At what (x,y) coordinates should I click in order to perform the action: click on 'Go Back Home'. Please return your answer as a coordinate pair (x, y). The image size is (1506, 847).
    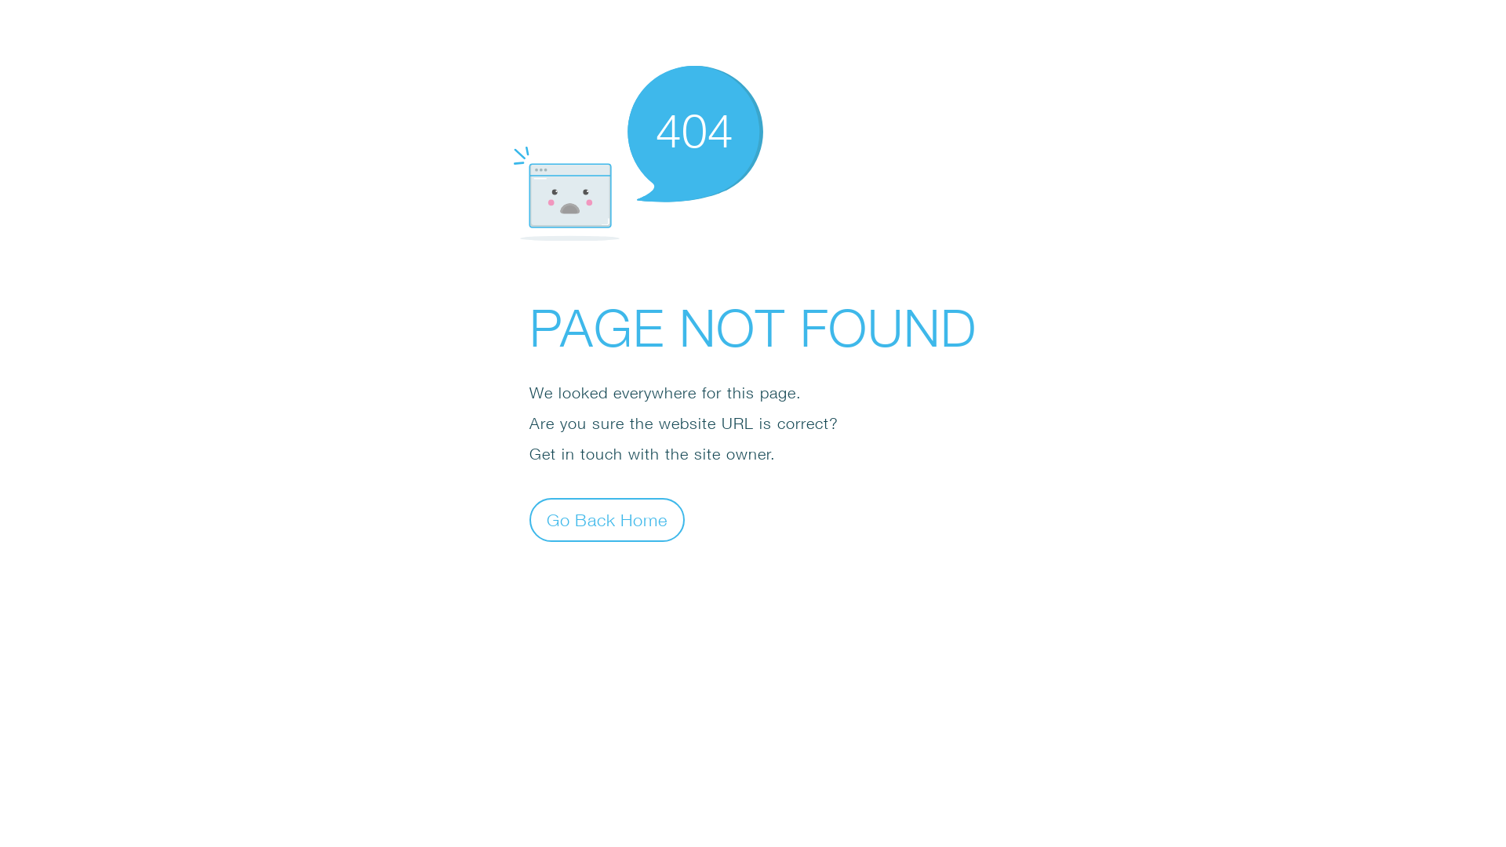
    Looking at the image, I should click on (606, 520).